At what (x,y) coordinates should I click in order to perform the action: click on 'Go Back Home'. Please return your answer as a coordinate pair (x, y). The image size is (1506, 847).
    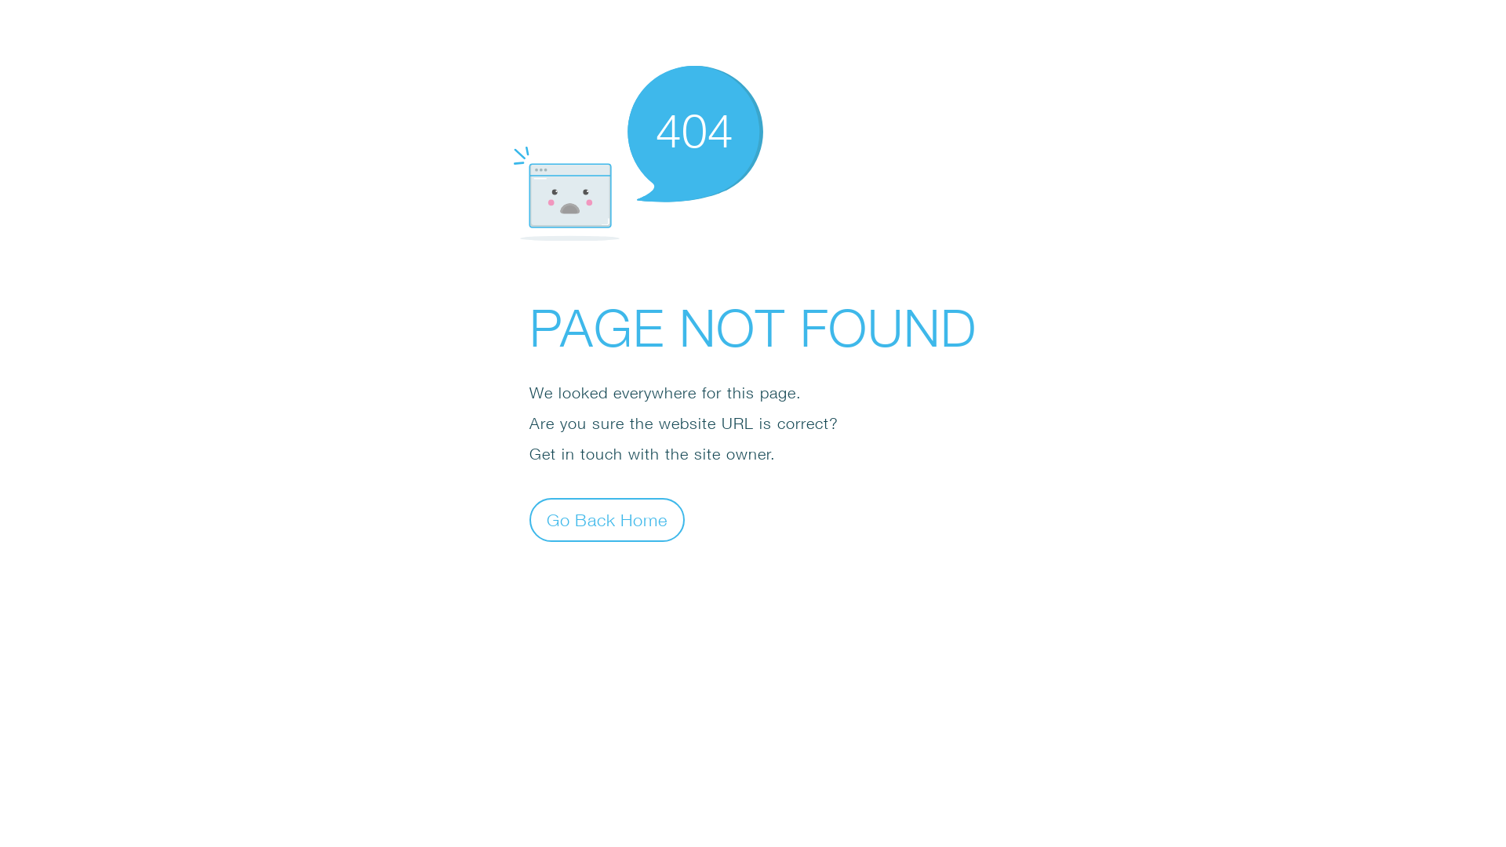
    Looking at the image, I should click on (606, 520).